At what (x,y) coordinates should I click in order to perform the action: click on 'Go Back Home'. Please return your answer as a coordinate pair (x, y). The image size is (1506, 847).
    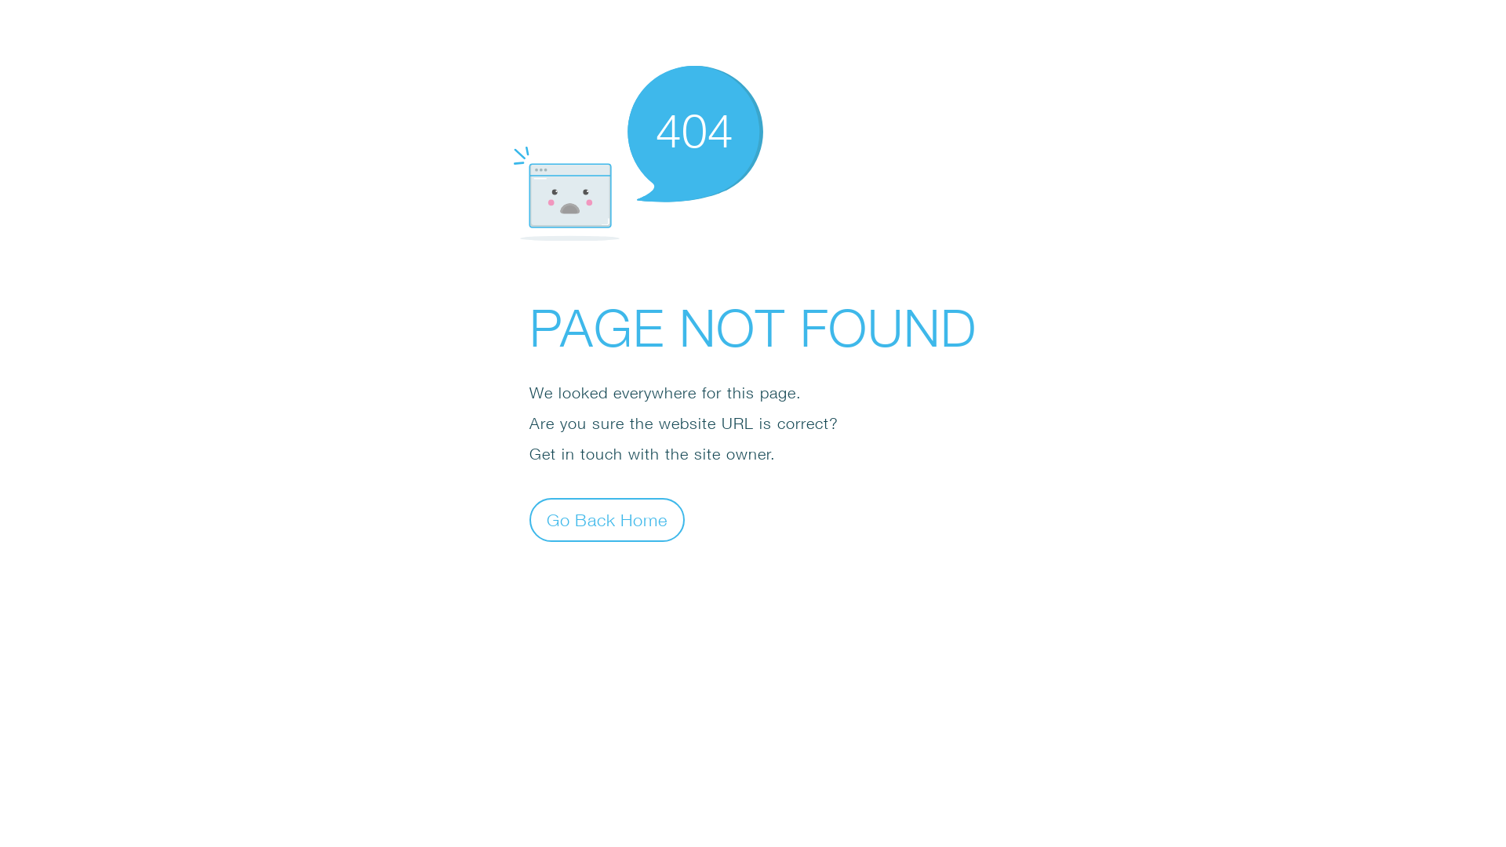
    Looking at the image, I should click on (606, 520).